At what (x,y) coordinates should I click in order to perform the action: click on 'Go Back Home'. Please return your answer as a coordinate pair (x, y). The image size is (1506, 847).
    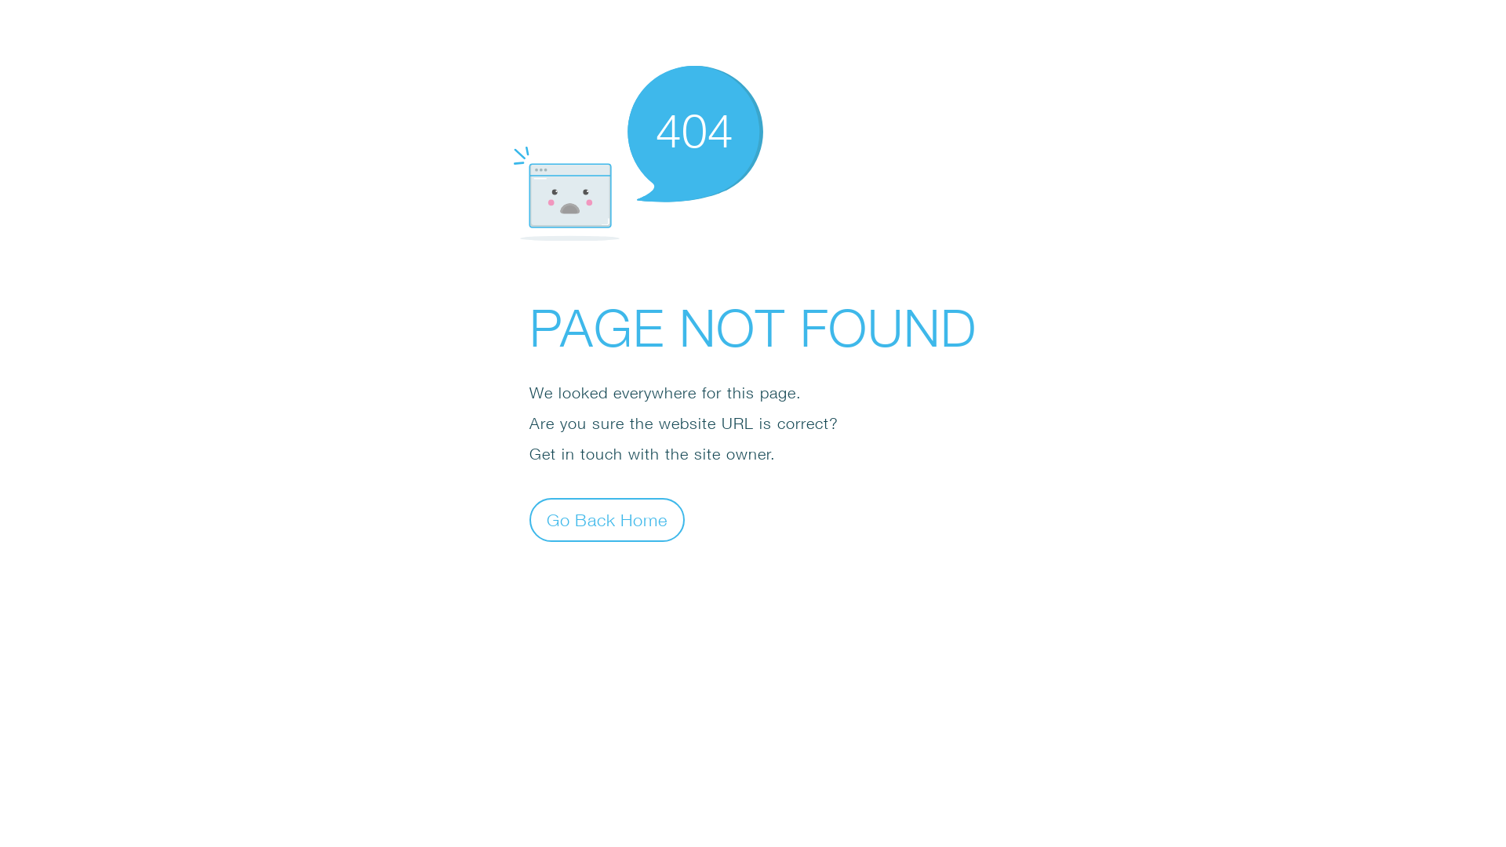
    Looking at the image, I should click on (606, 520).